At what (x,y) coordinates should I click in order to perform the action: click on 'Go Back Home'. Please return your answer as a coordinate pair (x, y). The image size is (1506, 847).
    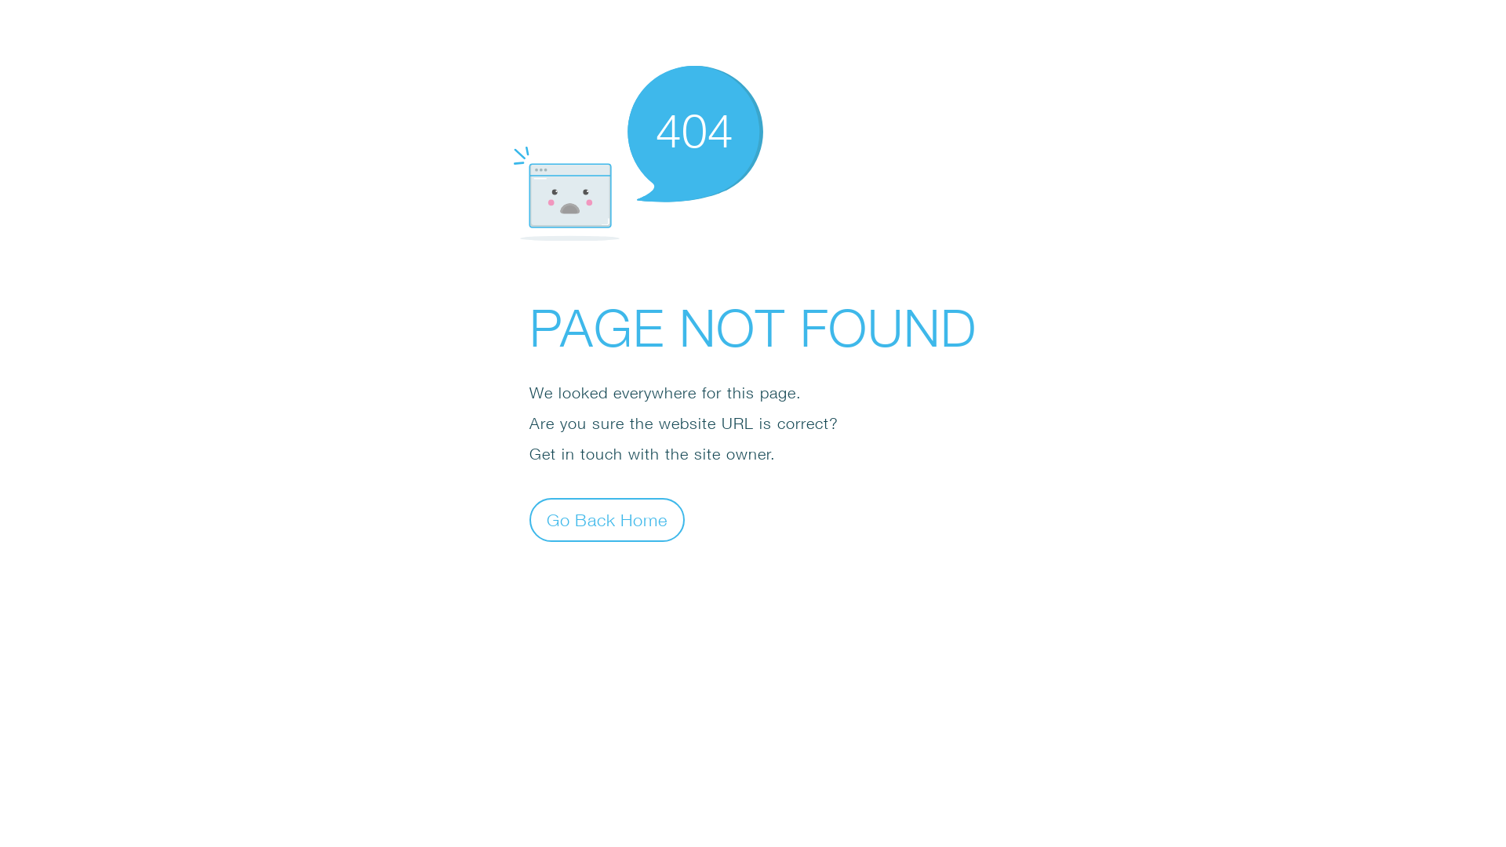
    Looking at the image, I should click on (606, 520).